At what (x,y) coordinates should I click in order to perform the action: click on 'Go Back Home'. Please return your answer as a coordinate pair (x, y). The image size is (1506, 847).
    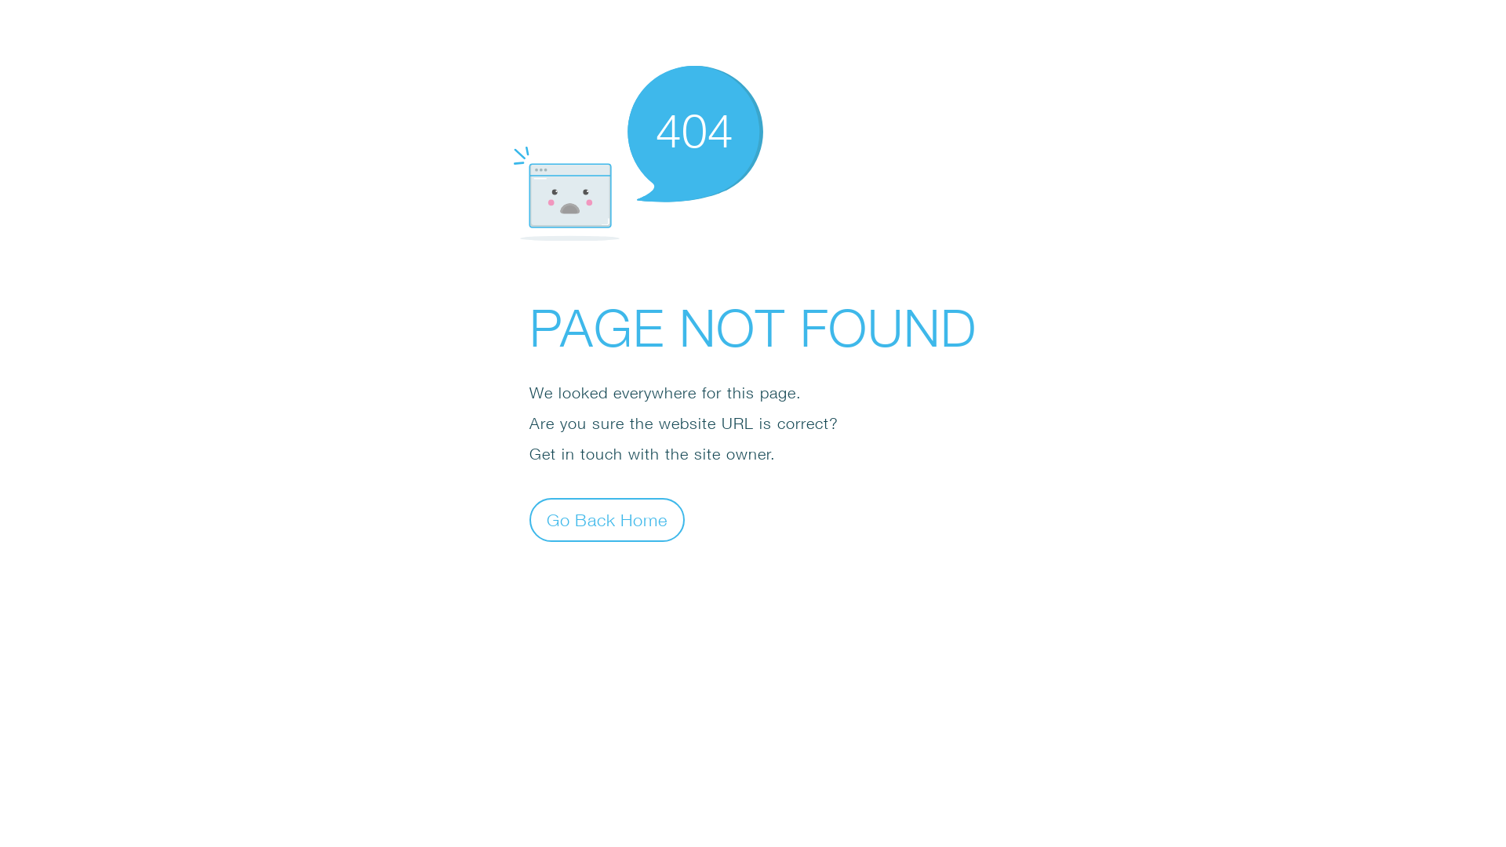
    Looking at the image, I should click on (606, 520).